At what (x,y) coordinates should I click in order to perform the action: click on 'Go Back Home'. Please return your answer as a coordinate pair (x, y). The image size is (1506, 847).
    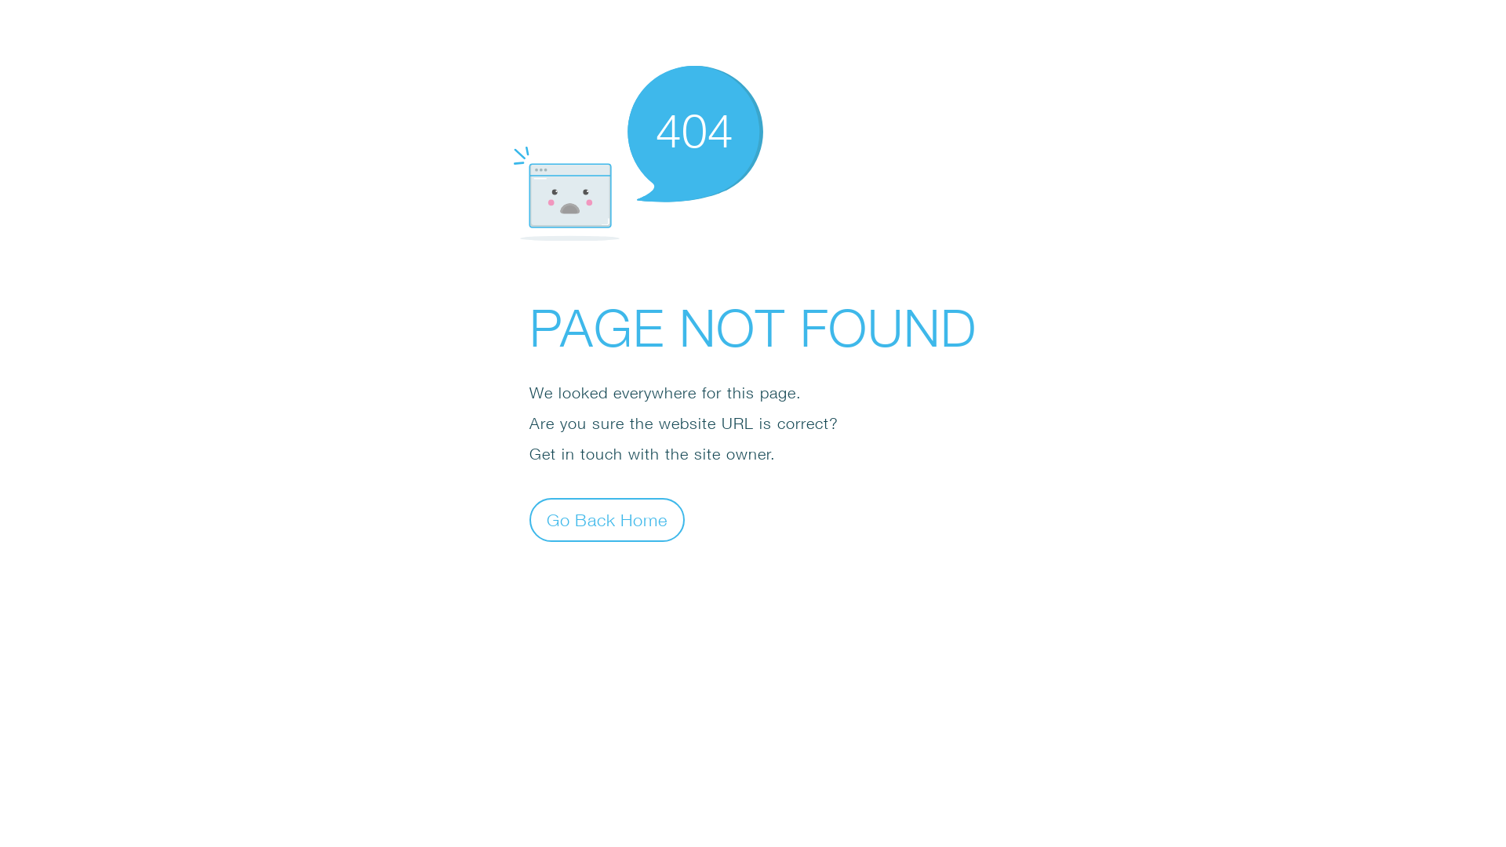
    Looking at the image, I should click on (606, 520).